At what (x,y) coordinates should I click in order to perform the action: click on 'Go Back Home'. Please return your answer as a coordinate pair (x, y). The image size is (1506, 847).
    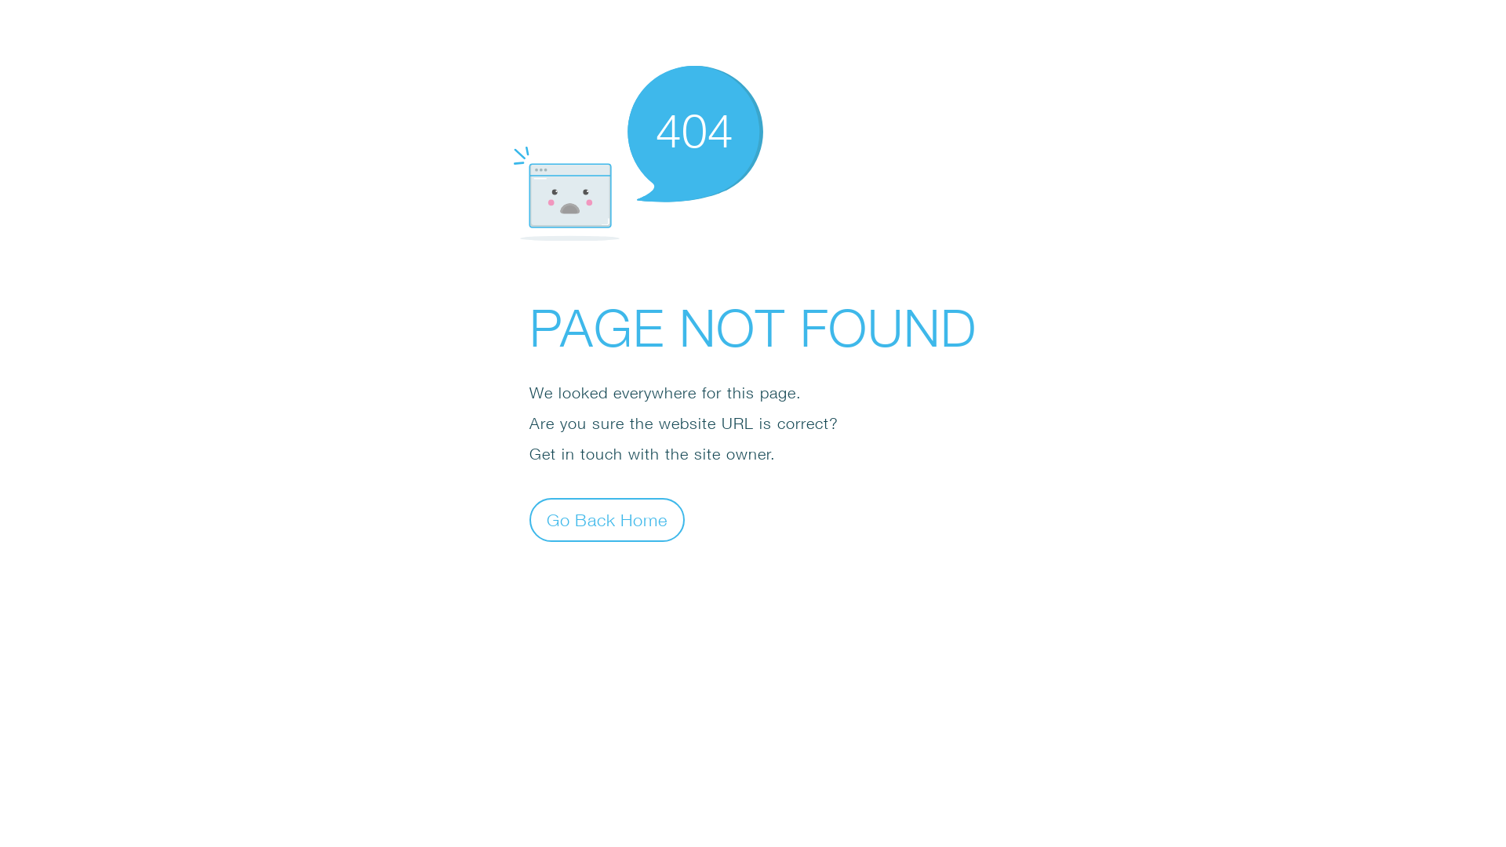
    Looking at the image, I should click on (606, 520).